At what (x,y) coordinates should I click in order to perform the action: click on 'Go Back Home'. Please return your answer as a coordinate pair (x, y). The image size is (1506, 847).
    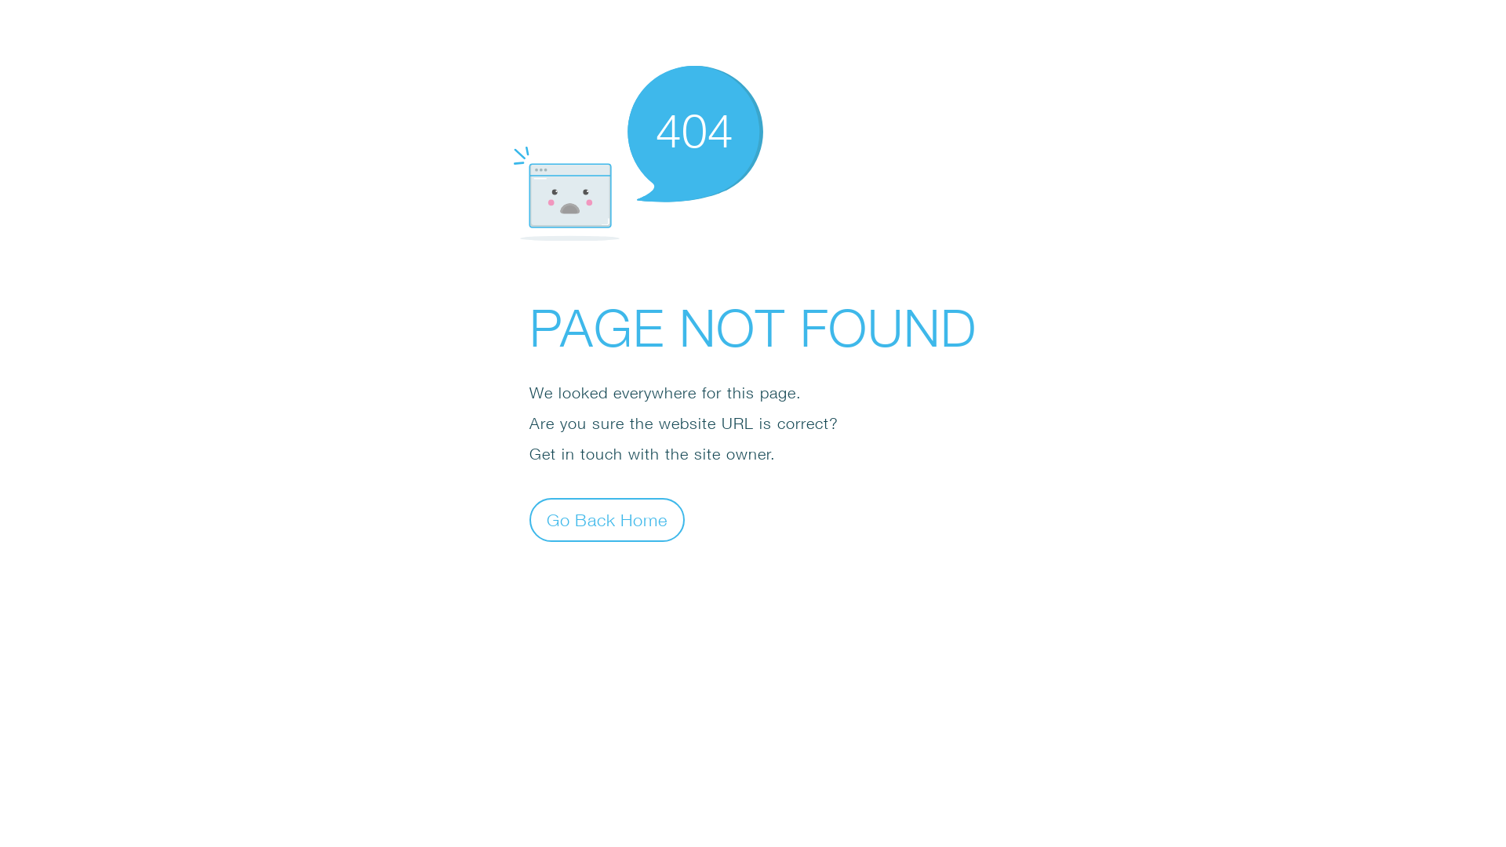
    Looking at the image, I should click on (606, 520).